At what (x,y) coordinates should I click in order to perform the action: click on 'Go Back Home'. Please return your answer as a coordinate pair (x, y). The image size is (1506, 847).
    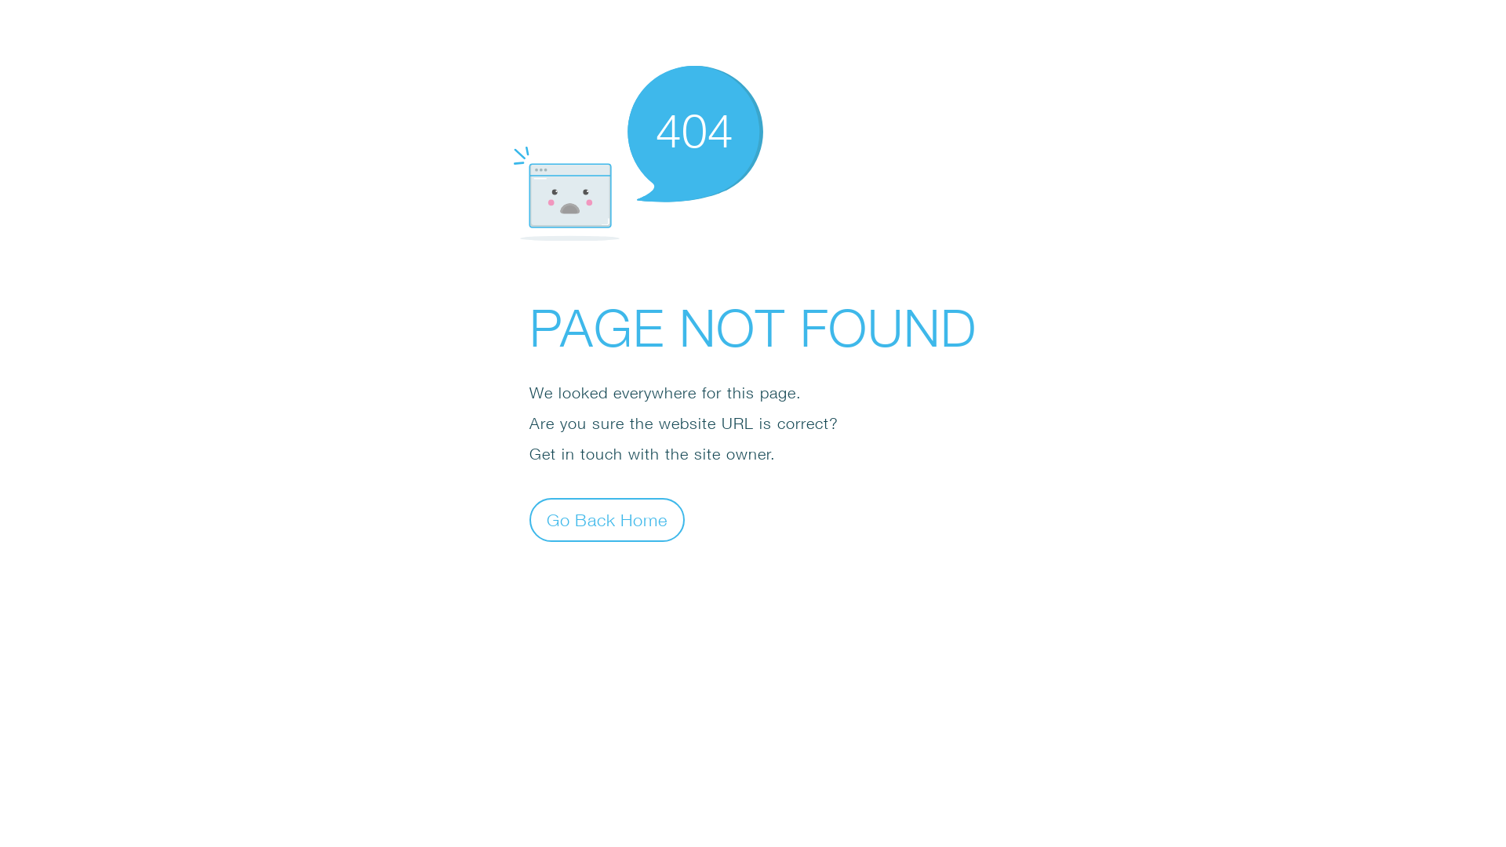
    Looking at the image, I should click on (606, 520).